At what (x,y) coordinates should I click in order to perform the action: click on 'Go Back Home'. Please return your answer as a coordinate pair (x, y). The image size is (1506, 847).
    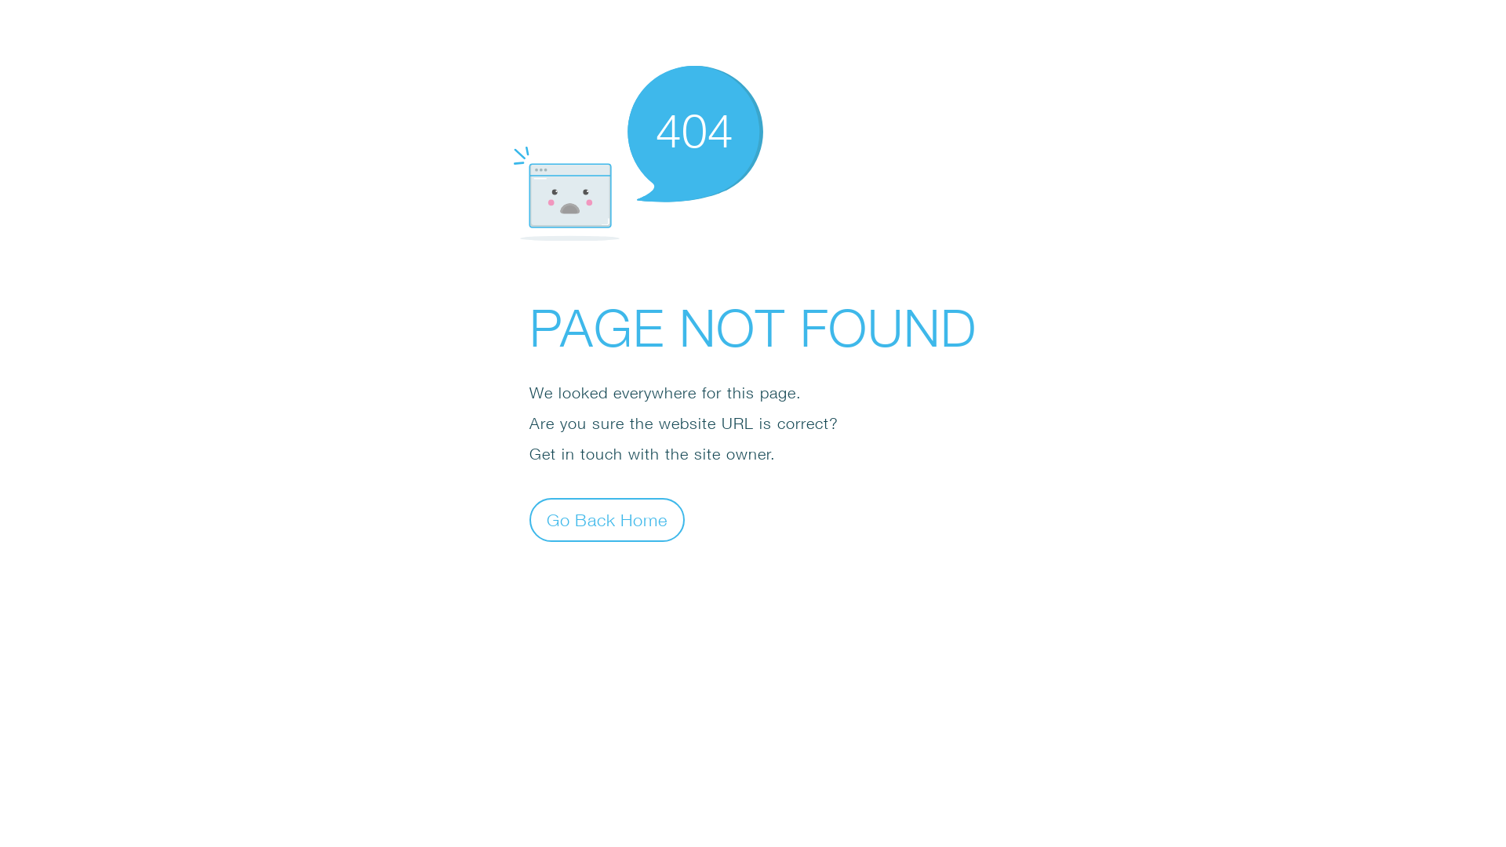
    Looking at the image, I should click on (606, 520).